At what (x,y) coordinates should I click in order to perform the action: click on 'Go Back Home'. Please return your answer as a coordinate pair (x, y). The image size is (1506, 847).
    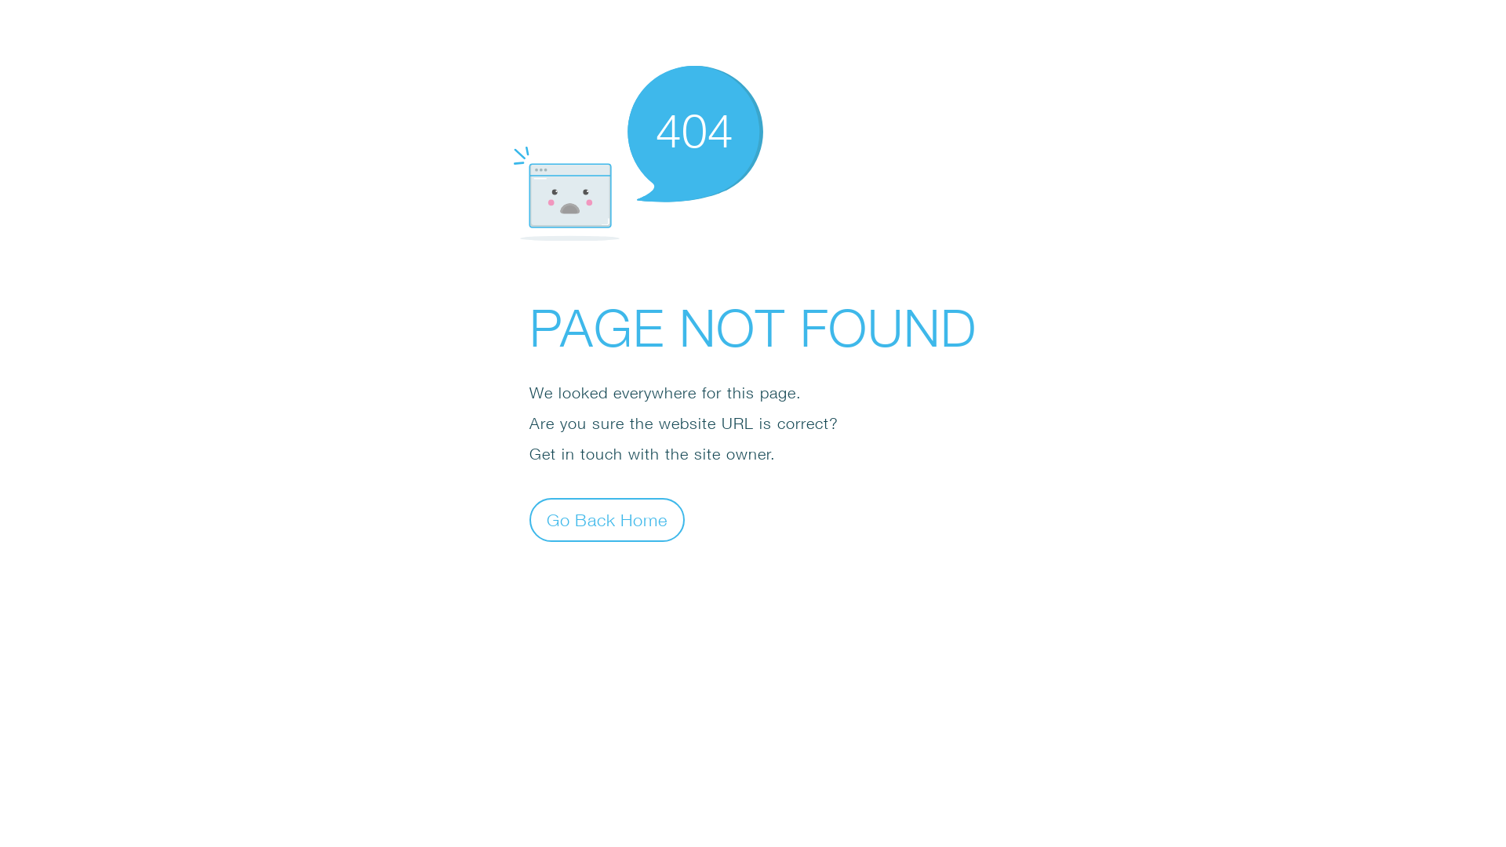
    Looking at the image, I should click on (606, 520).